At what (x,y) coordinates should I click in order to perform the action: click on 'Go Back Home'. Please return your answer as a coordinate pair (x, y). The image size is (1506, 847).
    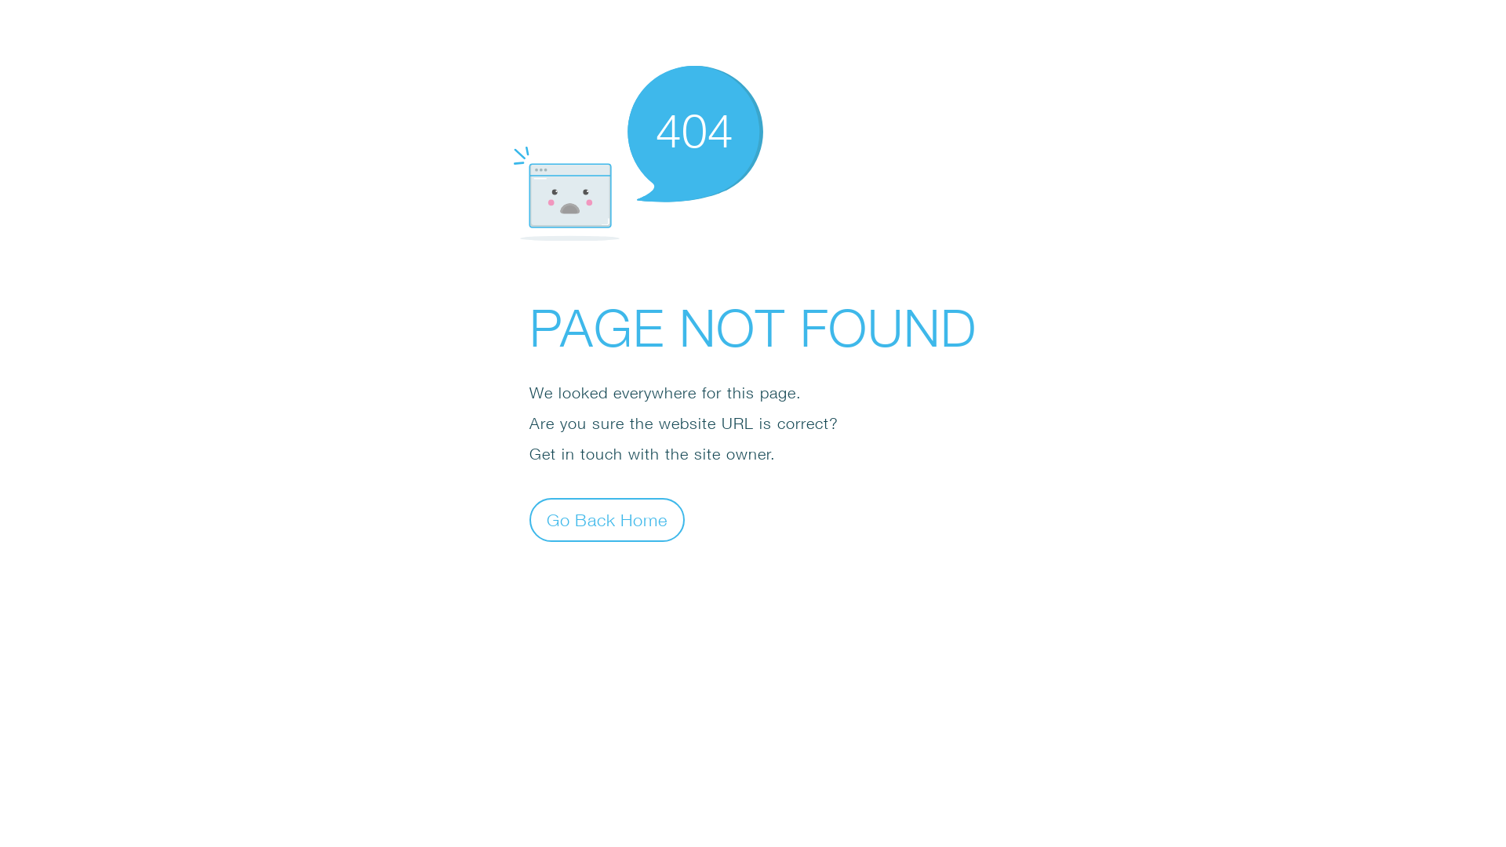
    Looking at the image, I should click on (606, 520).